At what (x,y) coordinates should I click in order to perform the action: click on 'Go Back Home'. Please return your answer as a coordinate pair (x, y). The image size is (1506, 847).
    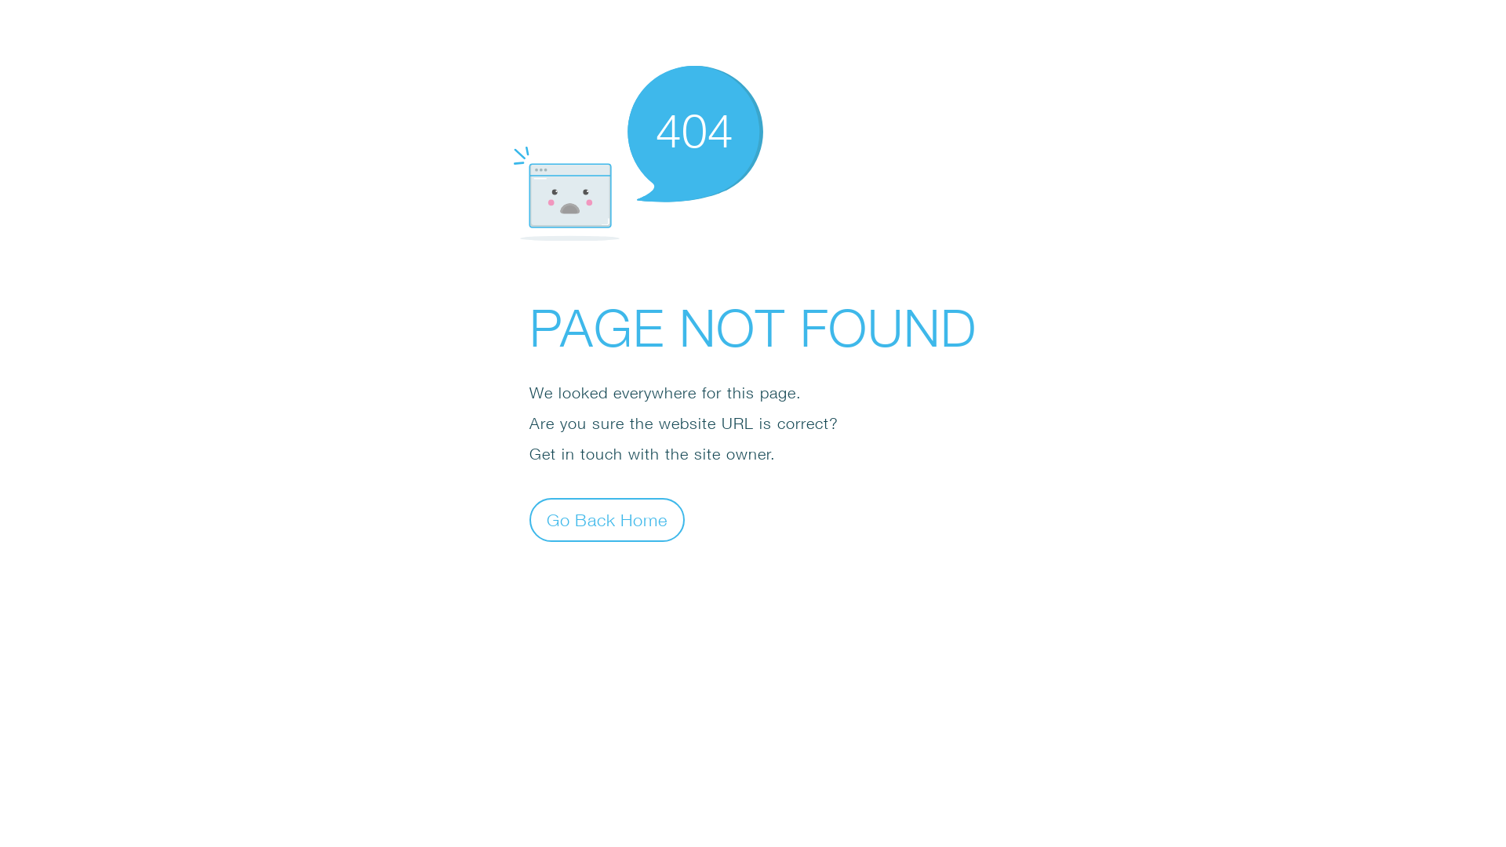
    Looking at the image, I should click on (606, 520).